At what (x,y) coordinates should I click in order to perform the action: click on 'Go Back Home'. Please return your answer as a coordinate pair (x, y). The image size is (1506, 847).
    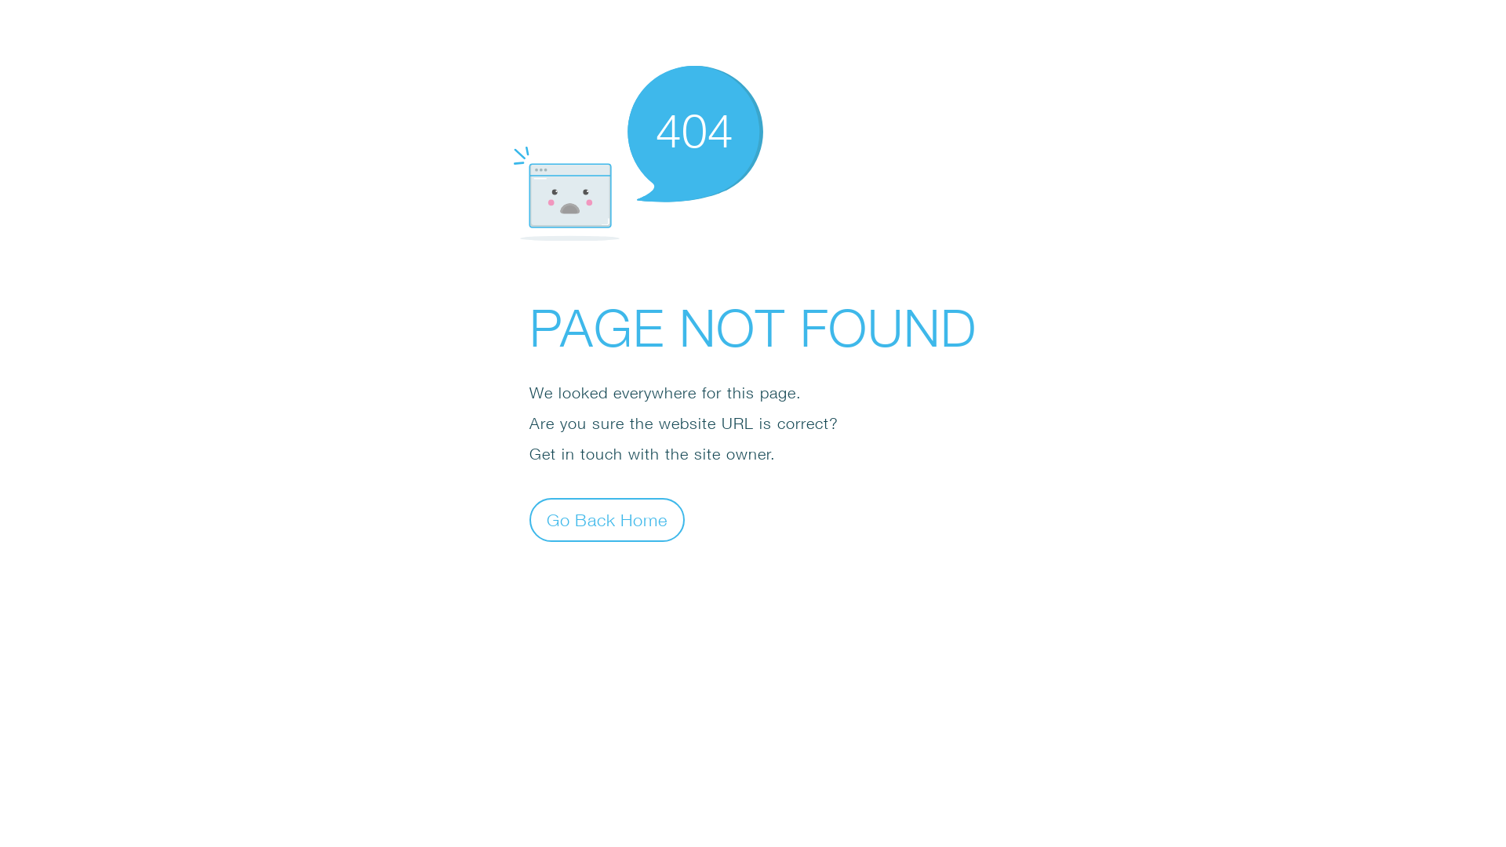
    Looking at the image, I should click on (606, 520).